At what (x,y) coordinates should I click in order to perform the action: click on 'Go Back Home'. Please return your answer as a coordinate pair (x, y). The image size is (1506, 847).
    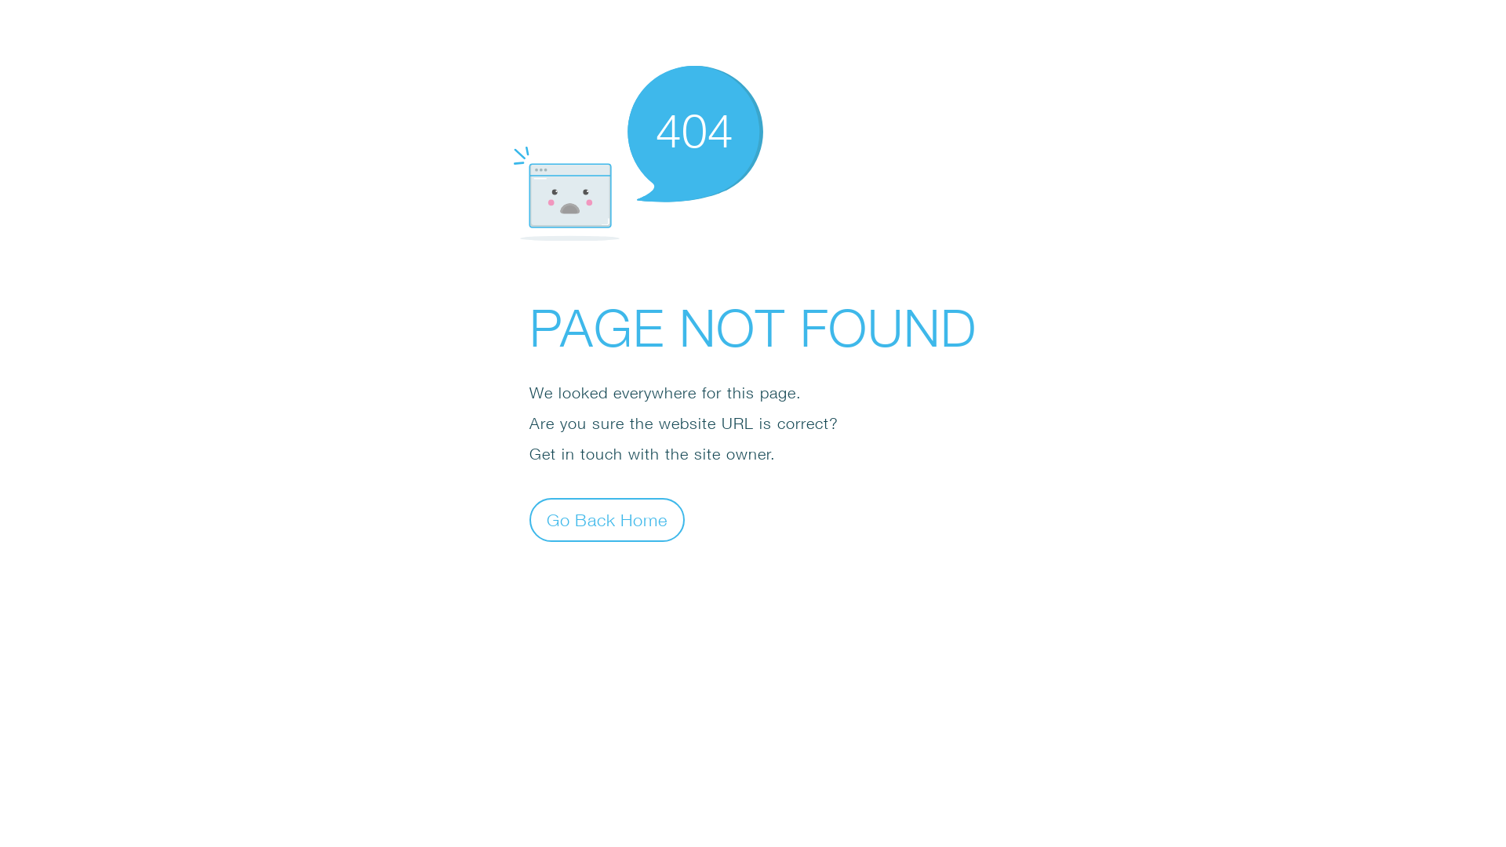
    Looking at the image, I should click on (606, 520).